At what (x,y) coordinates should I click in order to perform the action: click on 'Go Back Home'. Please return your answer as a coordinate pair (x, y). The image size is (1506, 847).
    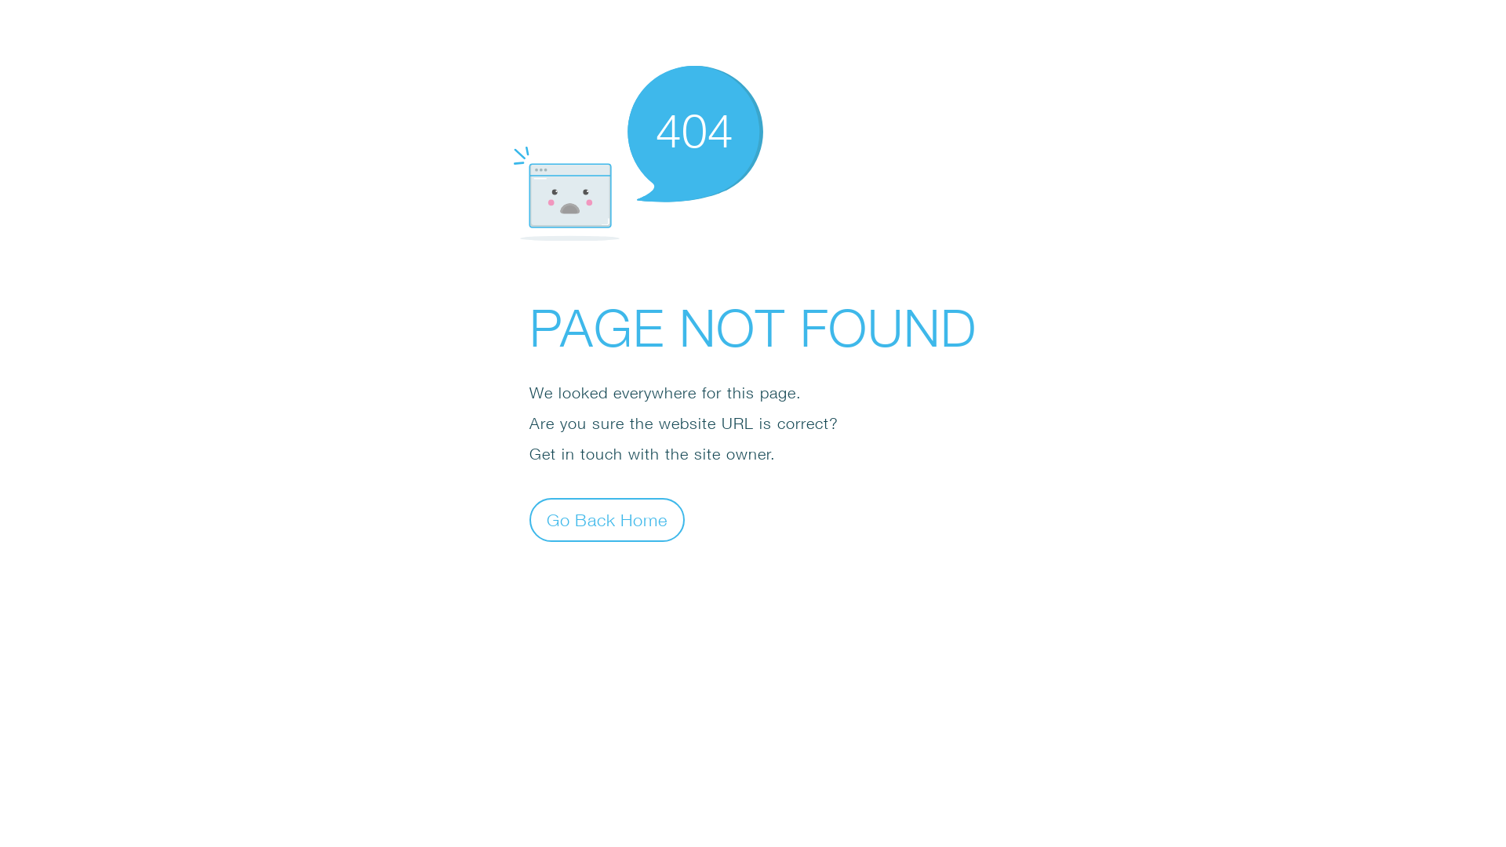
    Looking at the image, I should click on (606, 520).